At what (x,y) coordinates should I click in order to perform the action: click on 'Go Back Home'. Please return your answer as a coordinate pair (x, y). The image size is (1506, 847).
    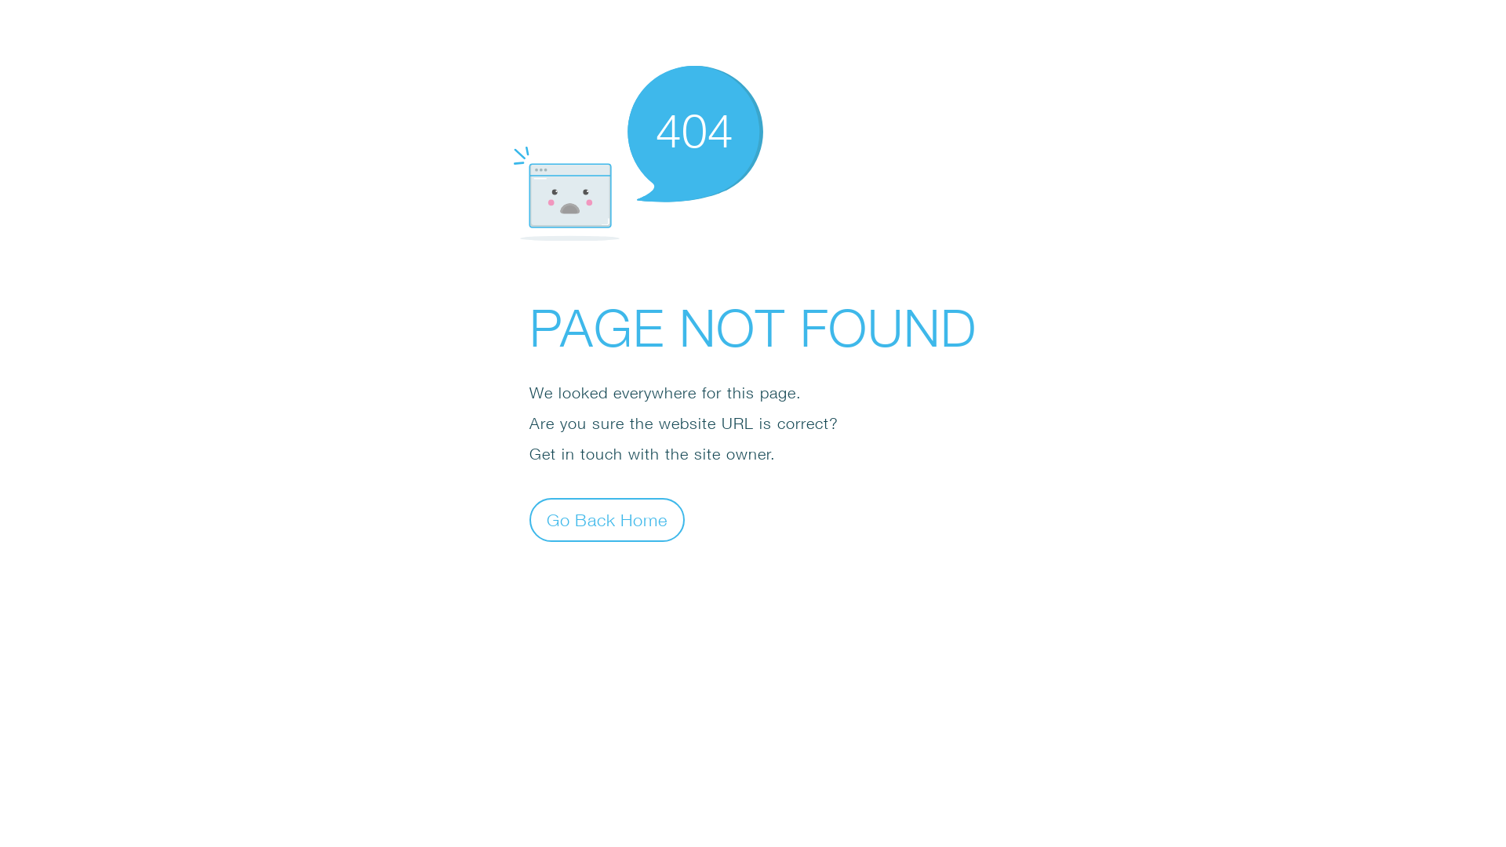
    Looking at the image, I should click on (606, 520).